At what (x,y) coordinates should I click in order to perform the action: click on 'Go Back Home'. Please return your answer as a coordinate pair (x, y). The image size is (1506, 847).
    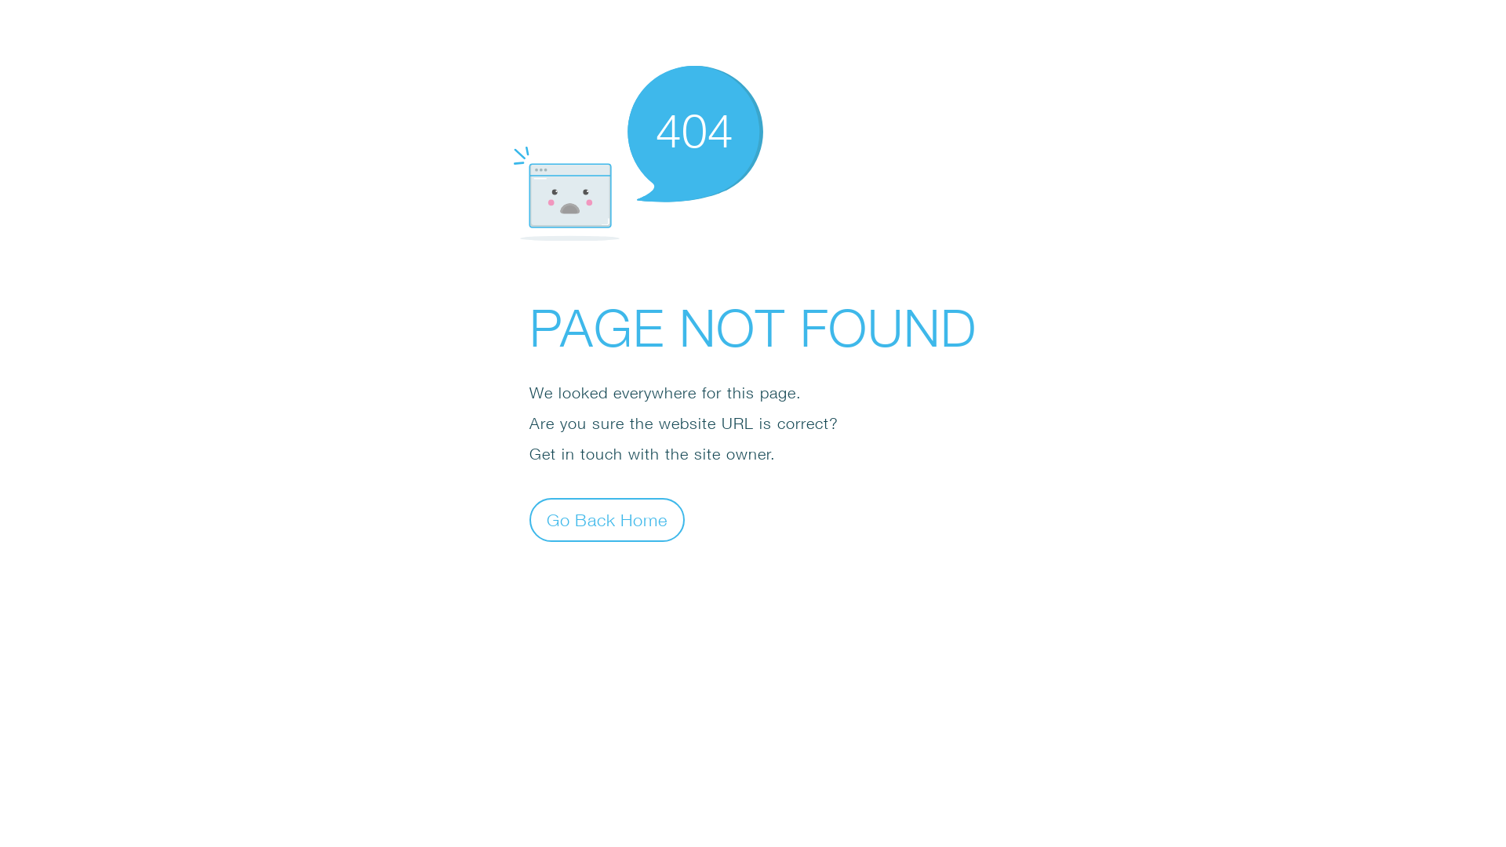
    Looking at the image, I should click on (606, 520).